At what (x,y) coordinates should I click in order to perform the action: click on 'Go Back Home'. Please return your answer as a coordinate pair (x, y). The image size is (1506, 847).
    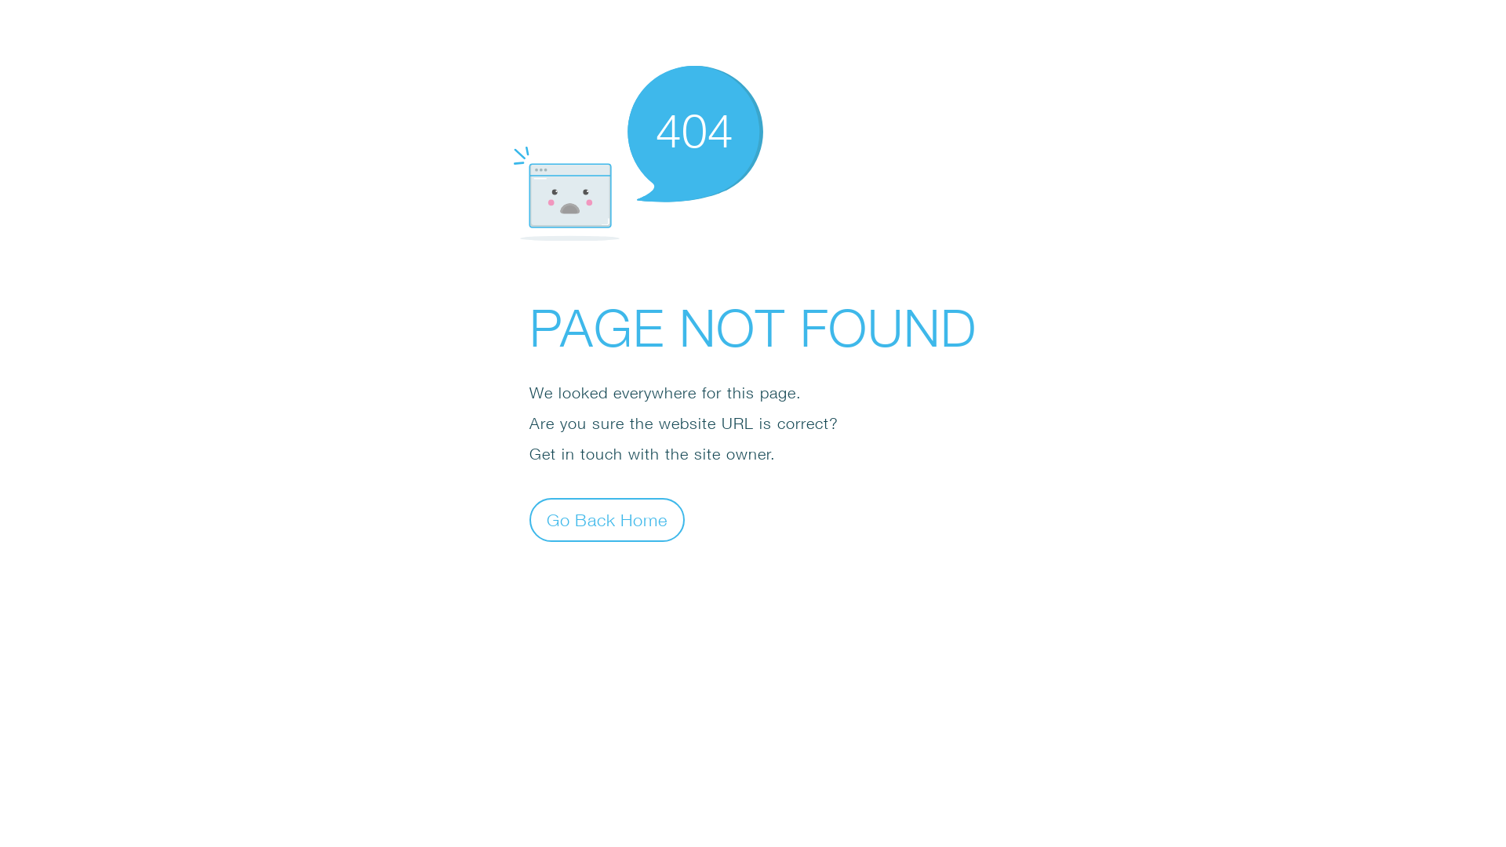
    Looking at the image, I should click on (606, 520).